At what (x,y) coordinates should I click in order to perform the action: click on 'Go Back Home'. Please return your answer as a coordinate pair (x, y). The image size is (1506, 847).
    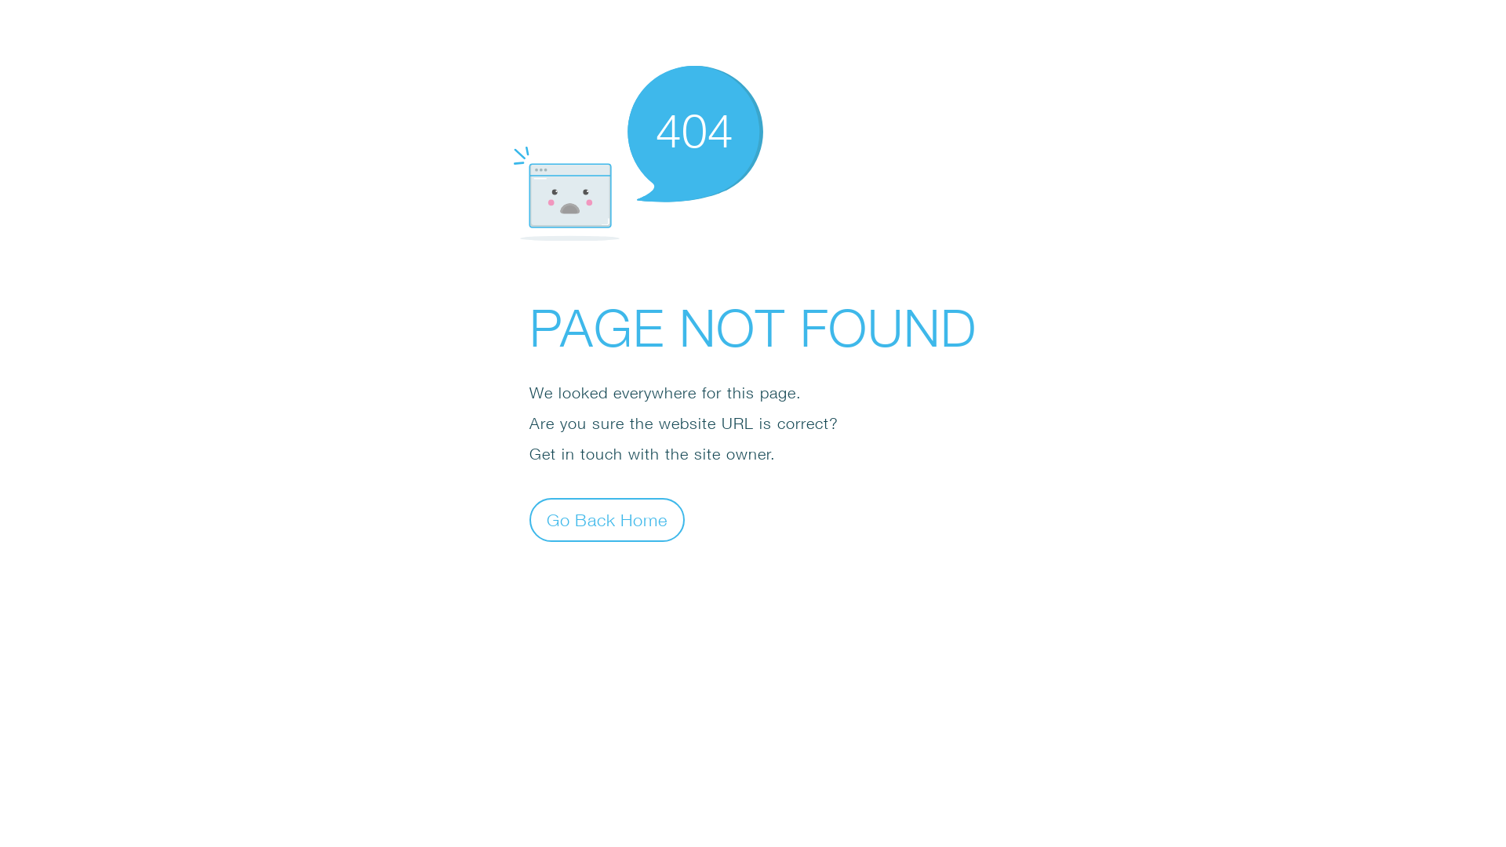
    Looking at the image, I should click on (606, 520).